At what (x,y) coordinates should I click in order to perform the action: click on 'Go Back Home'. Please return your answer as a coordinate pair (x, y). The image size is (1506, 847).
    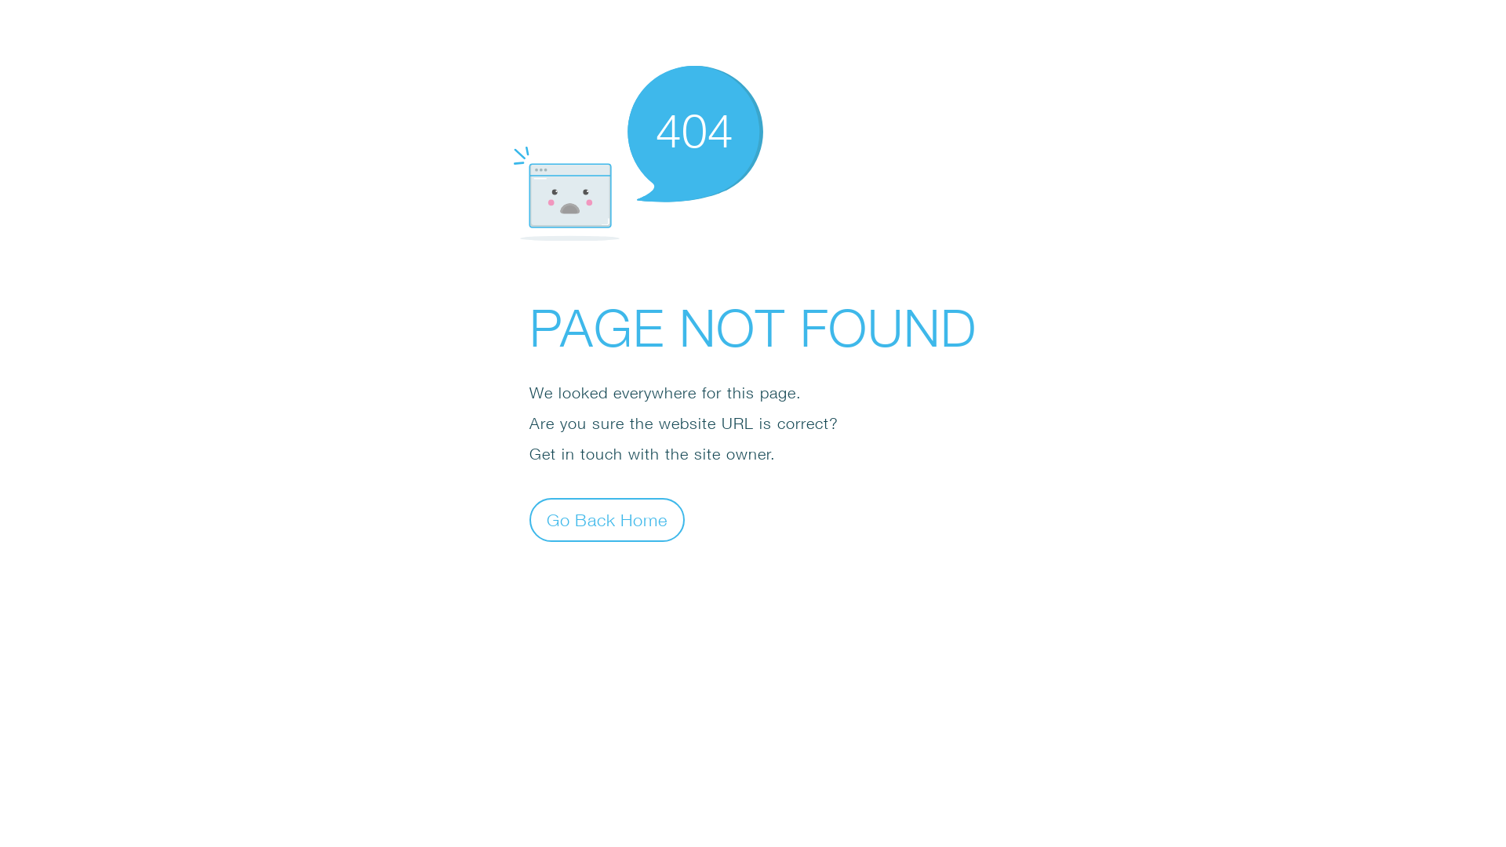
    Looking at the image, I should click on (606, 520).